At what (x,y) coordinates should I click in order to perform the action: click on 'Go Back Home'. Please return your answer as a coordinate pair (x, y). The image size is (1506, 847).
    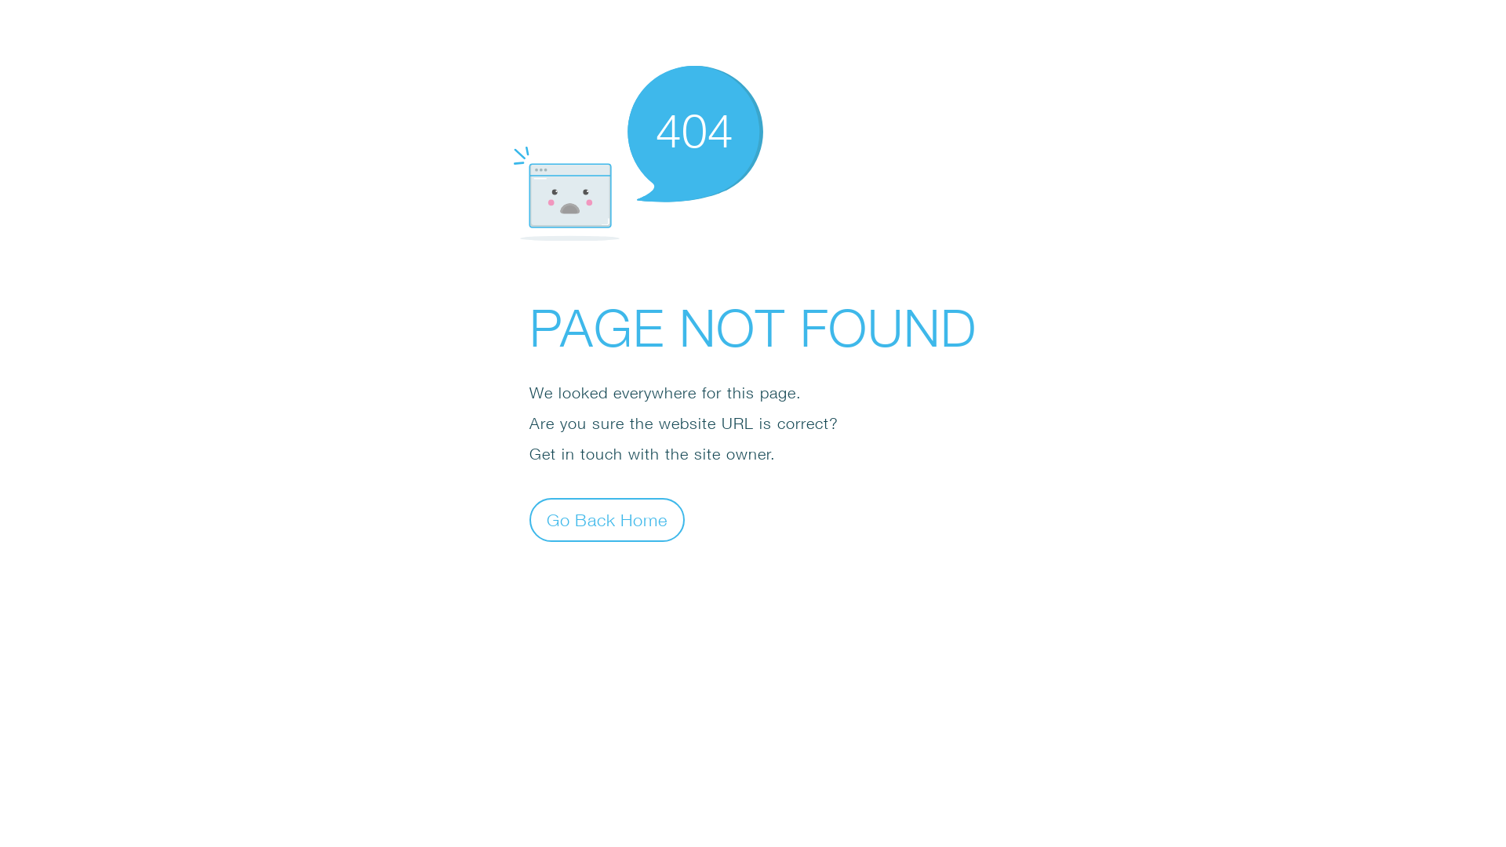
    Looking at the image, I should click on (606, 520).